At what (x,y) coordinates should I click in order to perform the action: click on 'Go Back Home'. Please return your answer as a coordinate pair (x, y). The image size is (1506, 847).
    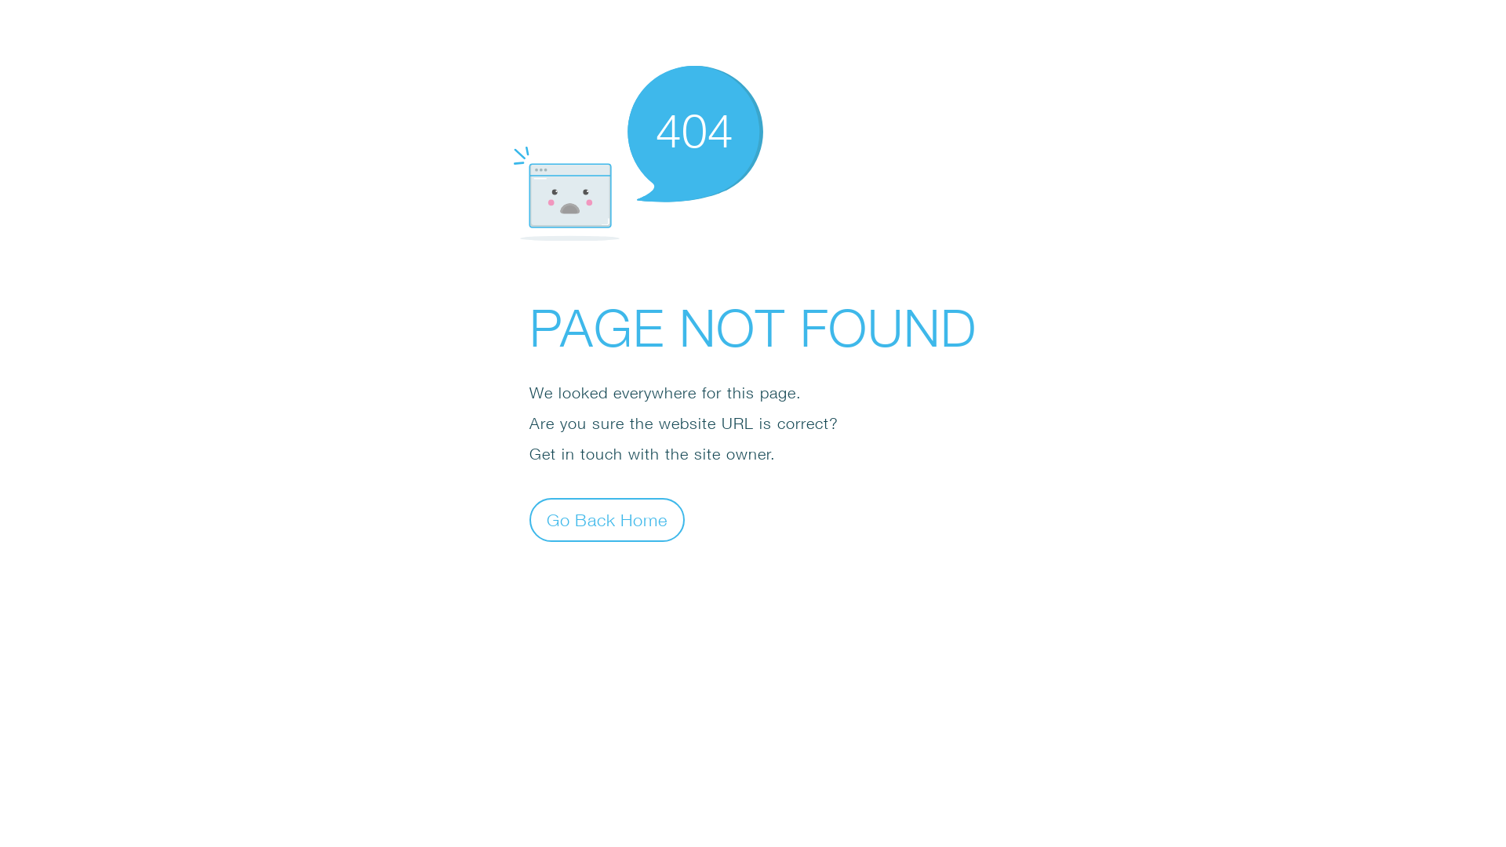
    Looking at the image, I should click on (606, 520).